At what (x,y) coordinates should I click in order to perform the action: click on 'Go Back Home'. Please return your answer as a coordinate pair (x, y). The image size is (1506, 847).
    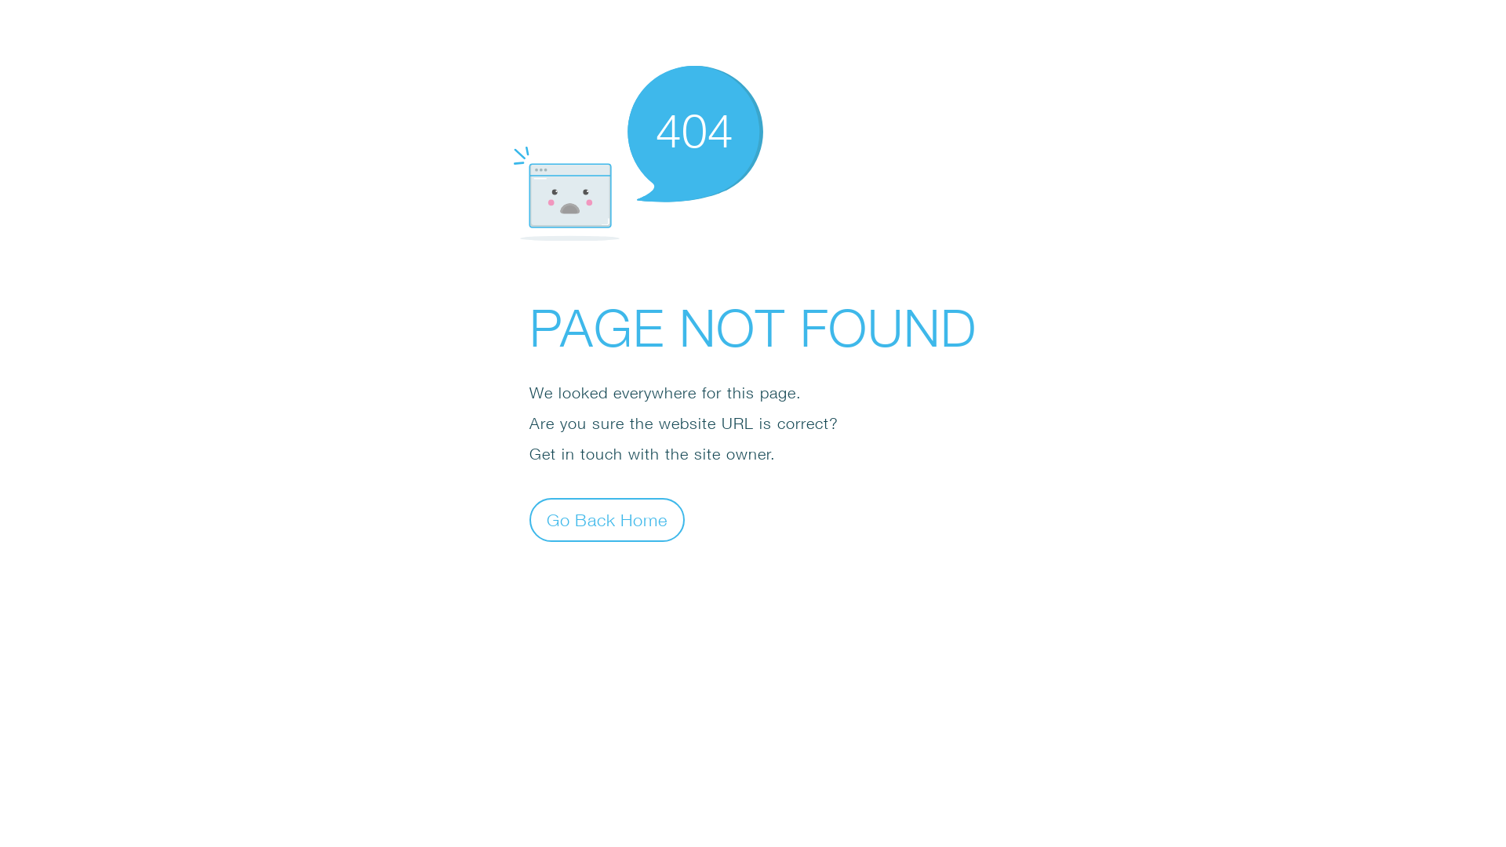
    Looking at the image, I should click on (606, 520).